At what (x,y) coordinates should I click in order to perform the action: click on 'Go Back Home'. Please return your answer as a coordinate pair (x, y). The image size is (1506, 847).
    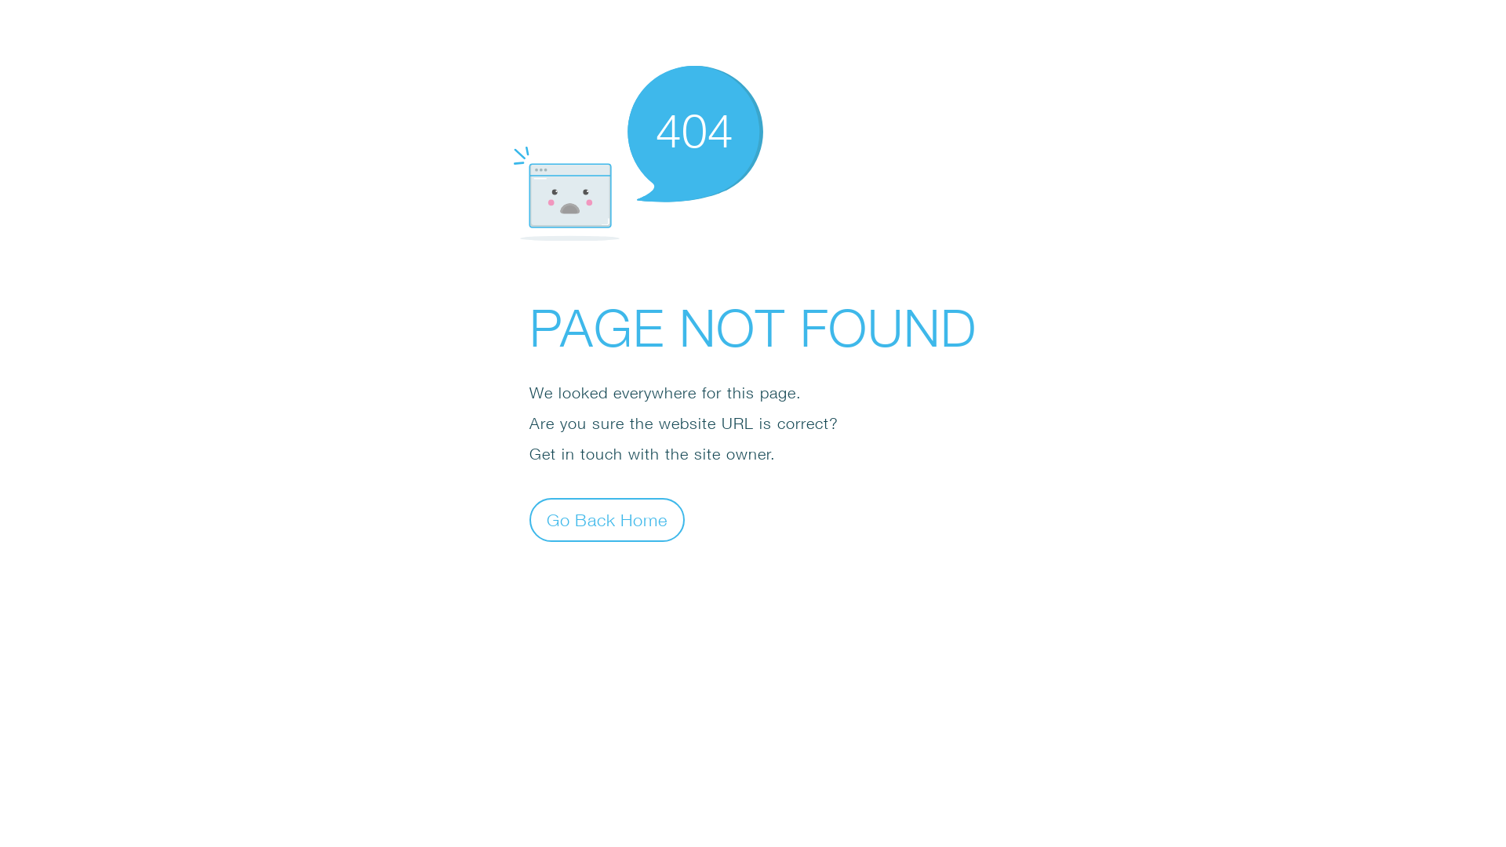
    Looking at the image, I should click on (606, 520).